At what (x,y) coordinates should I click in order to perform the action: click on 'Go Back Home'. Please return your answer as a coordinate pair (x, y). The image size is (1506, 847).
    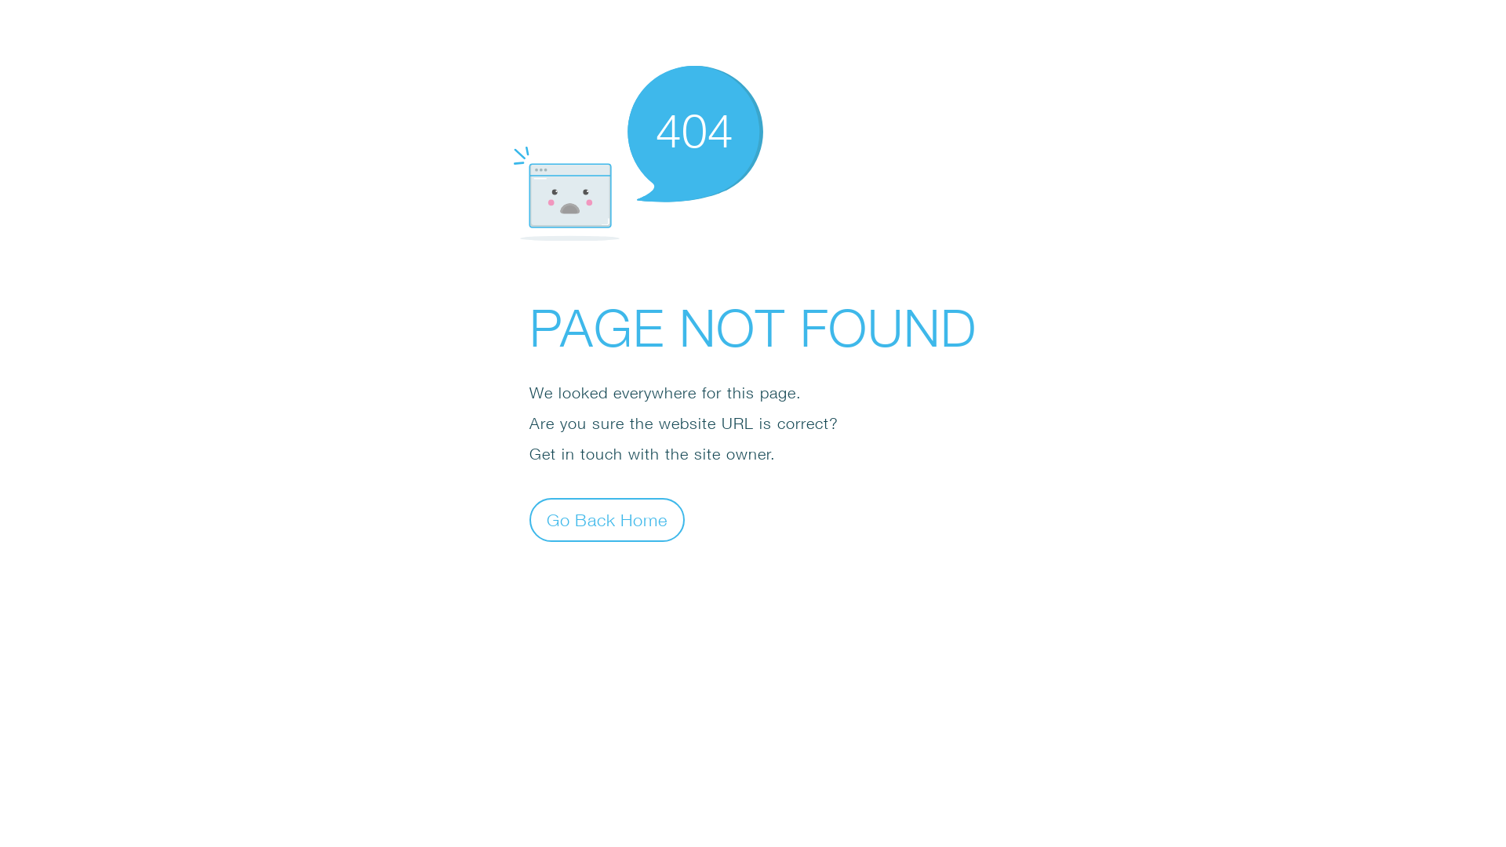
    Looking at the image, I should click on (606, 520).